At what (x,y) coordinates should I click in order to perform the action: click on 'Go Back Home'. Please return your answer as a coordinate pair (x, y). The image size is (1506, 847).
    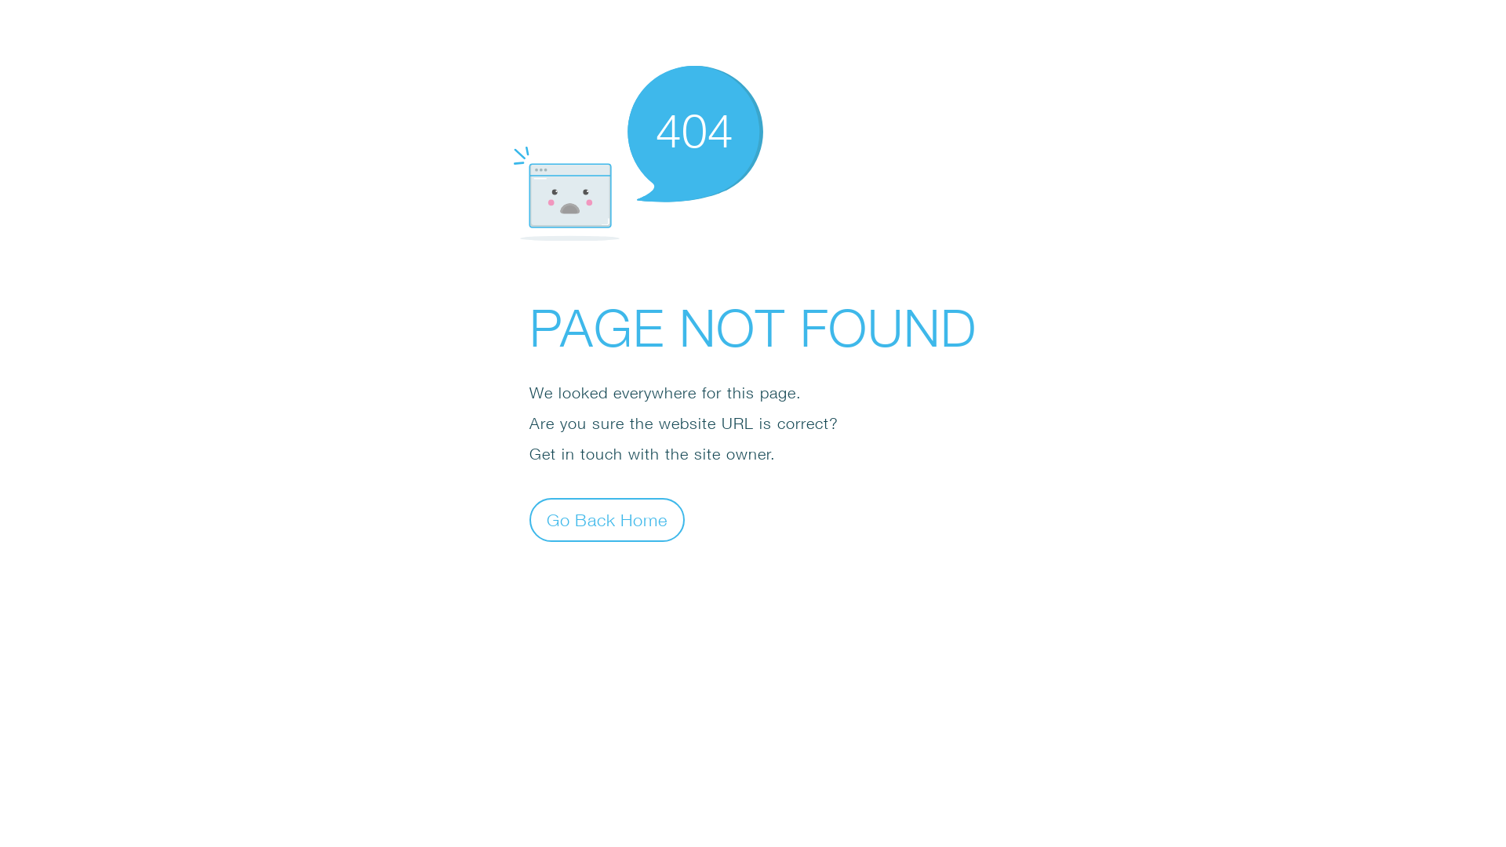
    Looking at the image, I should click on (606, 520).